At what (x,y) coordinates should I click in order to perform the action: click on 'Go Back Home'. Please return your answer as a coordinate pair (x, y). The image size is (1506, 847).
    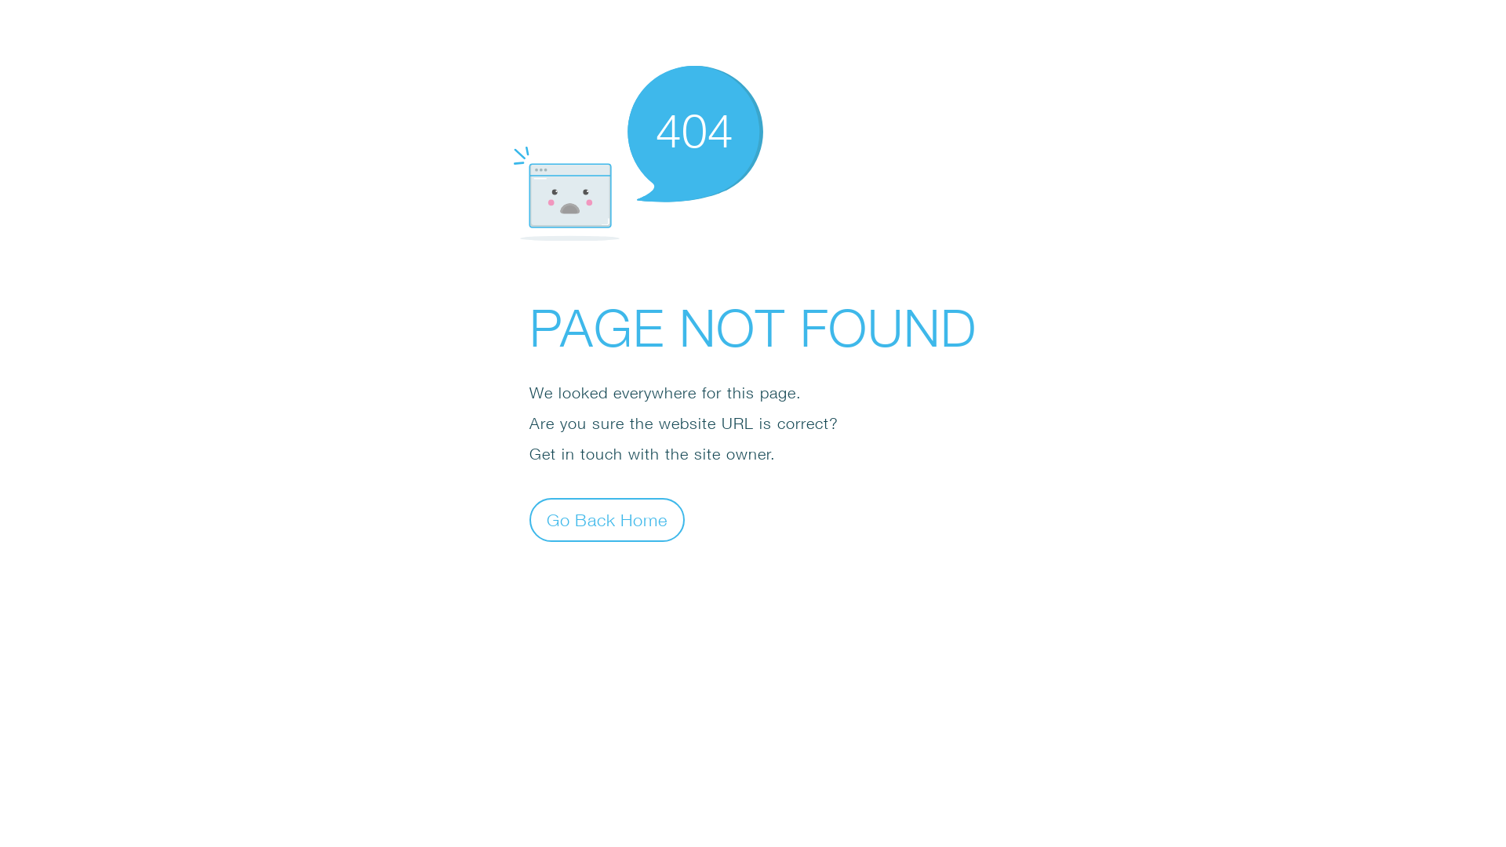
    Looking at the image, I should click on (606, 520).